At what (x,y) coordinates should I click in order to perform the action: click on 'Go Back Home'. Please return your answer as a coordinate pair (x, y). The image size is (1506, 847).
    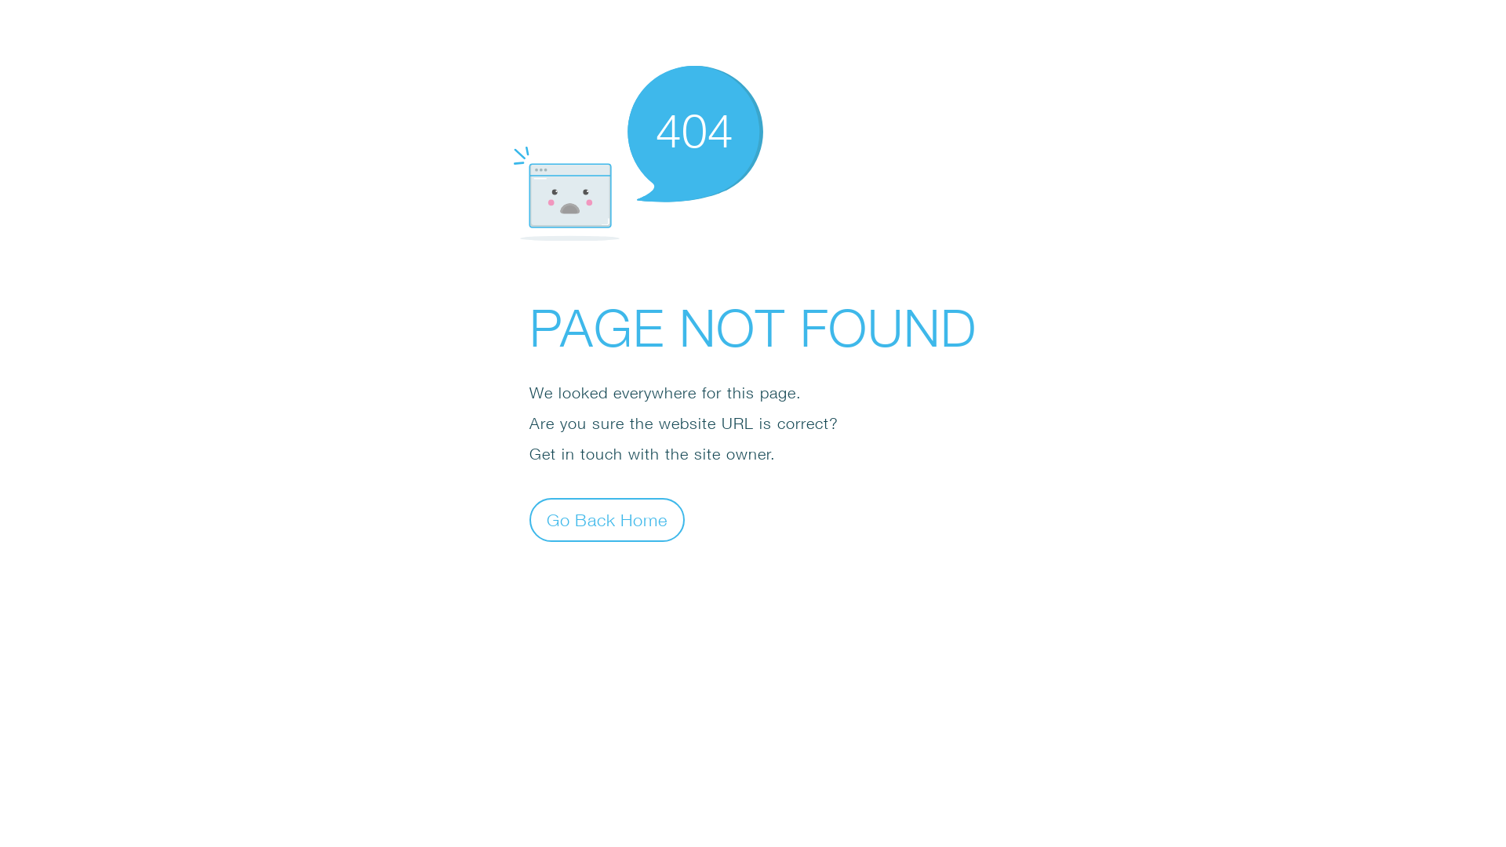
    Looking at the image, I should click on (606, 520).